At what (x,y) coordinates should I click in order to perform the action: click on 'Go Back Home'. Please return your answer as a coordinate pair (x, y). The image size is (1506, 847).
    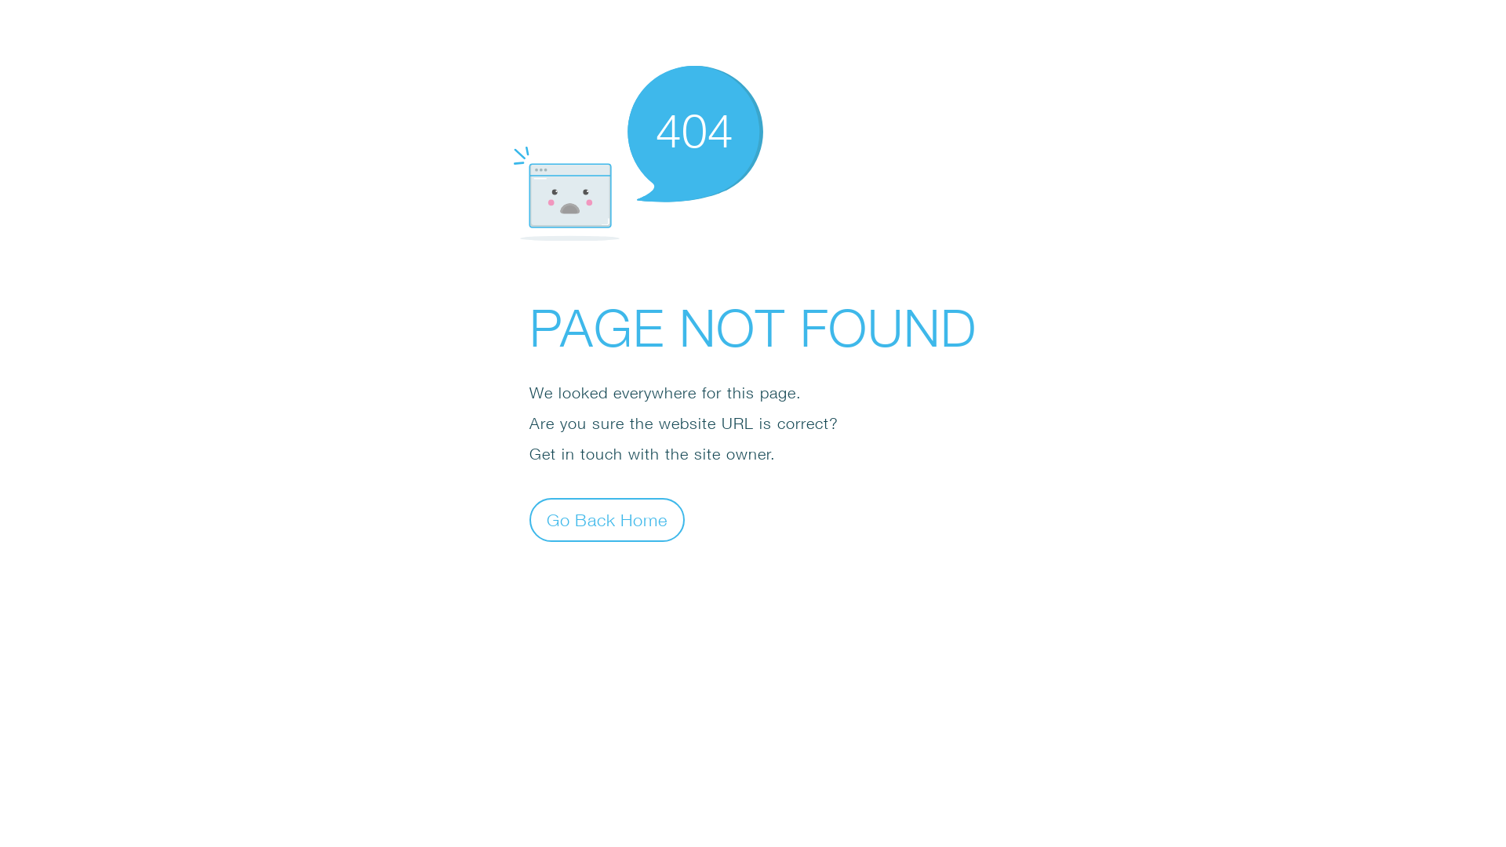
    Looking at the image, I should click on (606, 520).